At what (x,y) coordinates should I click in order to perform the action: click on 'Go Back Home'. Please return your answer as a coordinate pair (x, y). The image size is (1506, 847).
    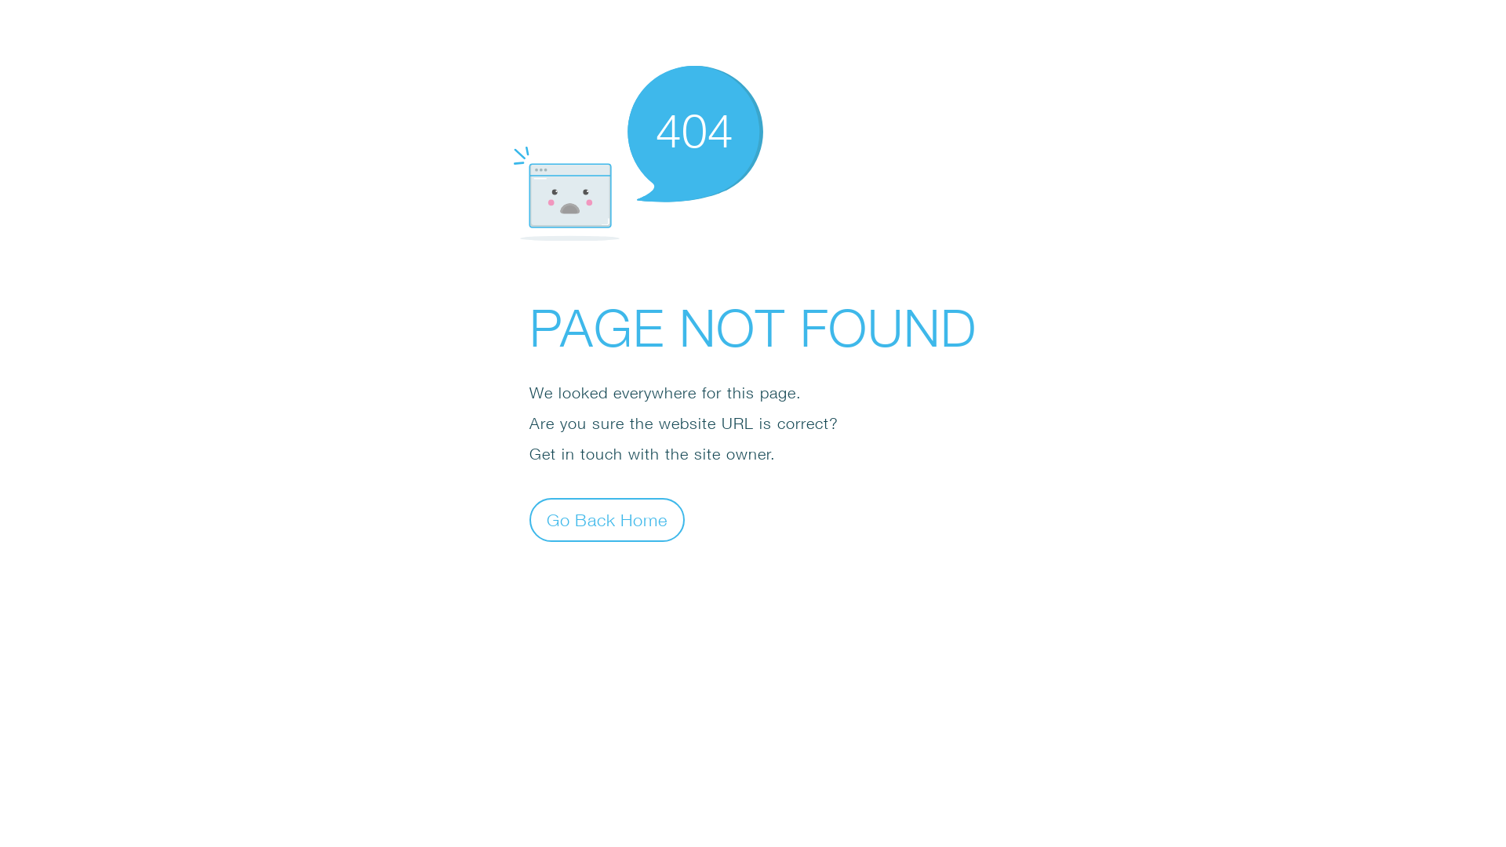
    Looking at the image, I should click on (606, 520).